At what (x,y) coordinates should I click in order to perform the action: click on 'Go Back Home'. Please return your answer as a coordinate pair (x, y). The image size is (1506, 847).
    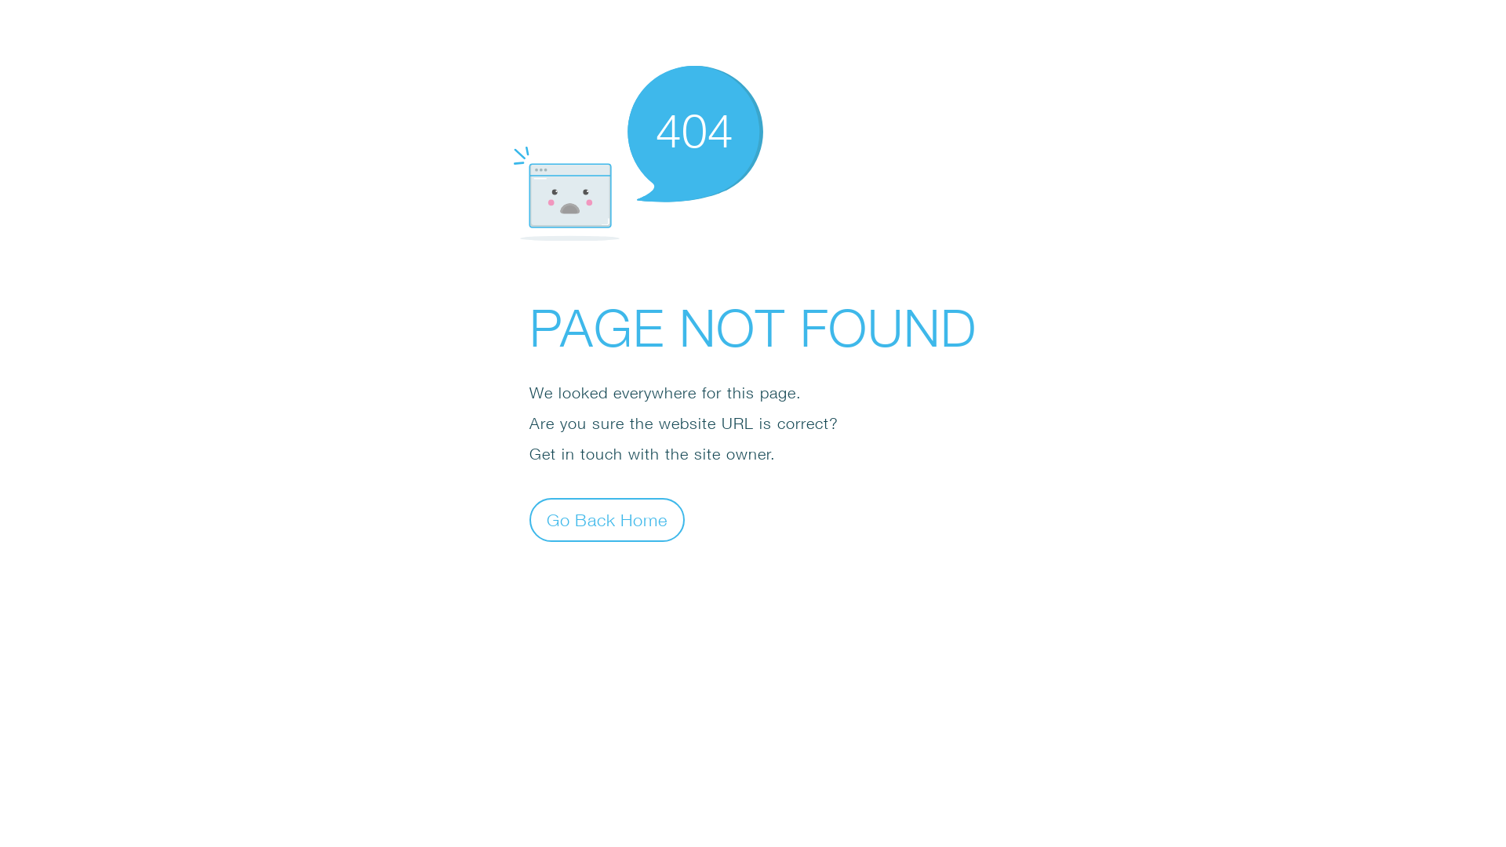
    Looking at the image, I should click on (606, 520).